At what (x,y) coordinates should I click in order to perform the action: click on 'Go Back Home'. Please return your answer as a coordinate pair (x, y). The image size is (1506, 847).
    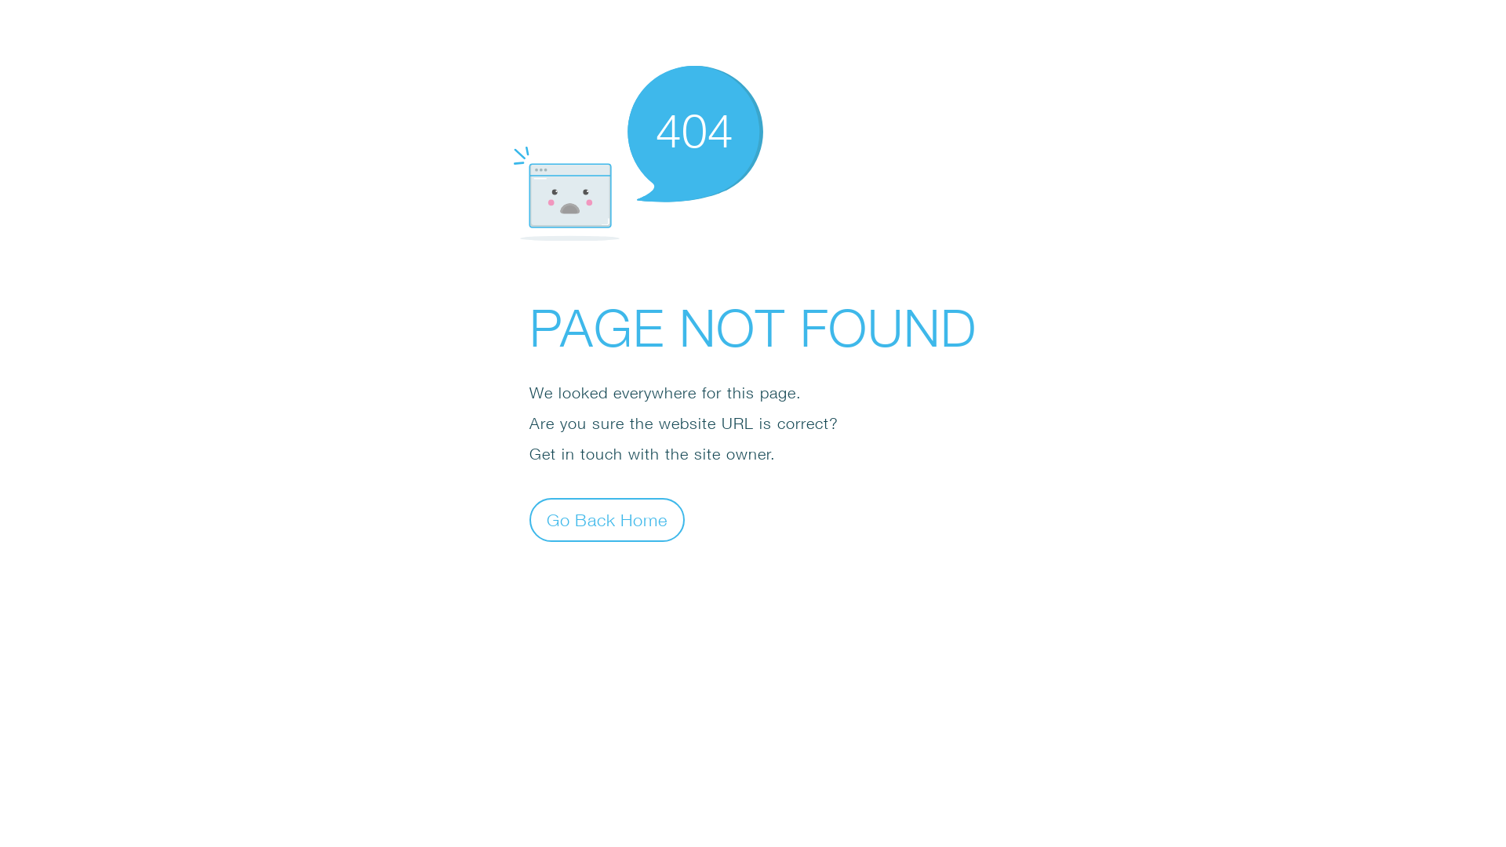
    Looking at the image, I should click on (606, 520).